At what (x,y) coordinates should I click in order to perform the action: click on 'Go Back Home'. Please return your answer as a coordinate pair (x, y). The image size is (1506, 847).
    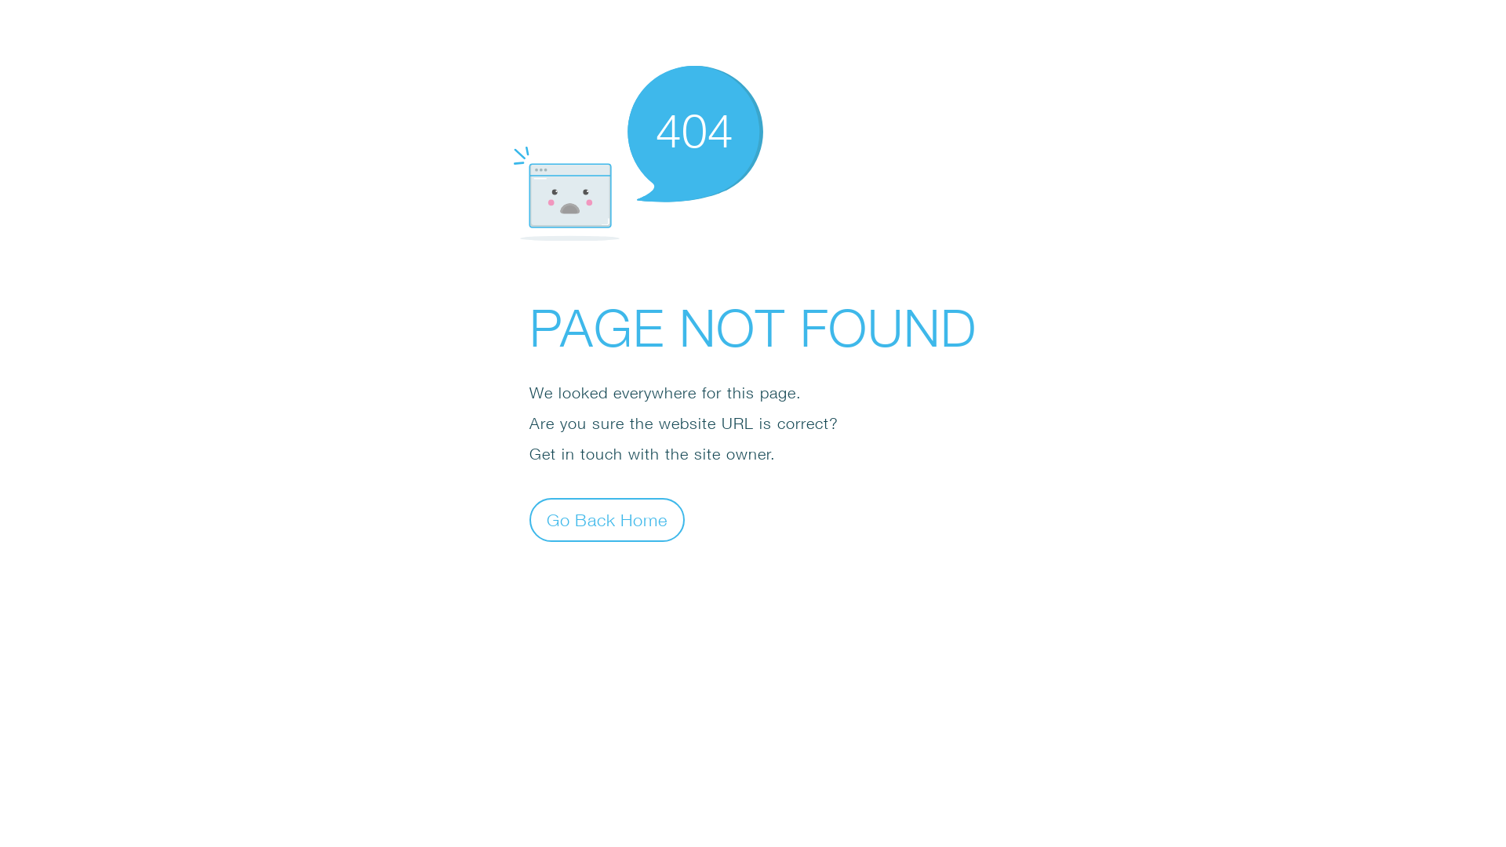
    Looking at the image, I should click on (606, 520).